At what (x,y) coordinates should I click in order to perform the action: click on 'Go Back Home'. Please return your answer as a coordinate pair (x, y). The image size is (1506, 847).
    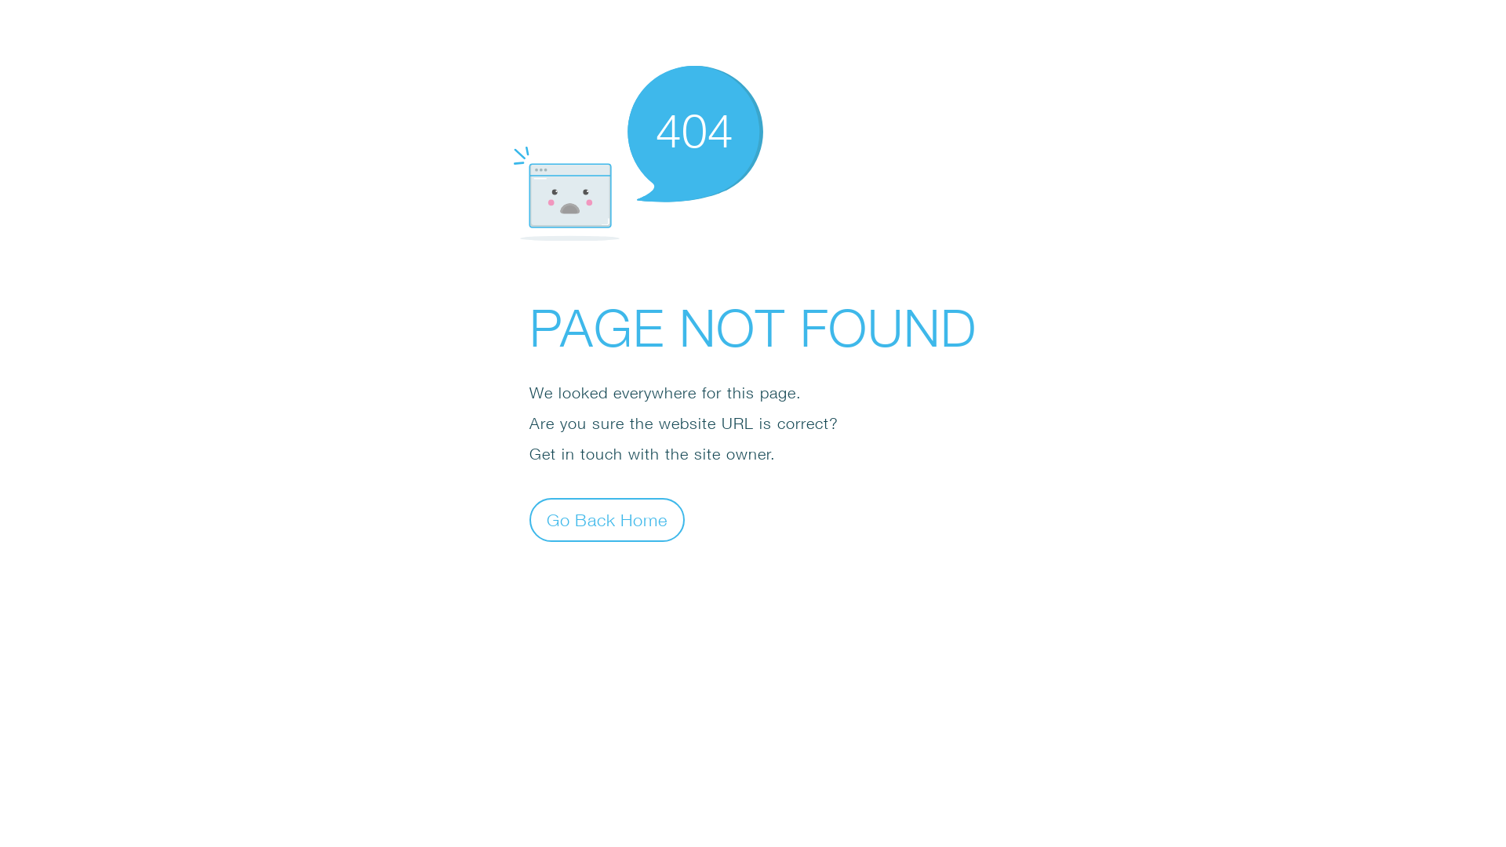
    Looking at the image, I should click on (606, 520).